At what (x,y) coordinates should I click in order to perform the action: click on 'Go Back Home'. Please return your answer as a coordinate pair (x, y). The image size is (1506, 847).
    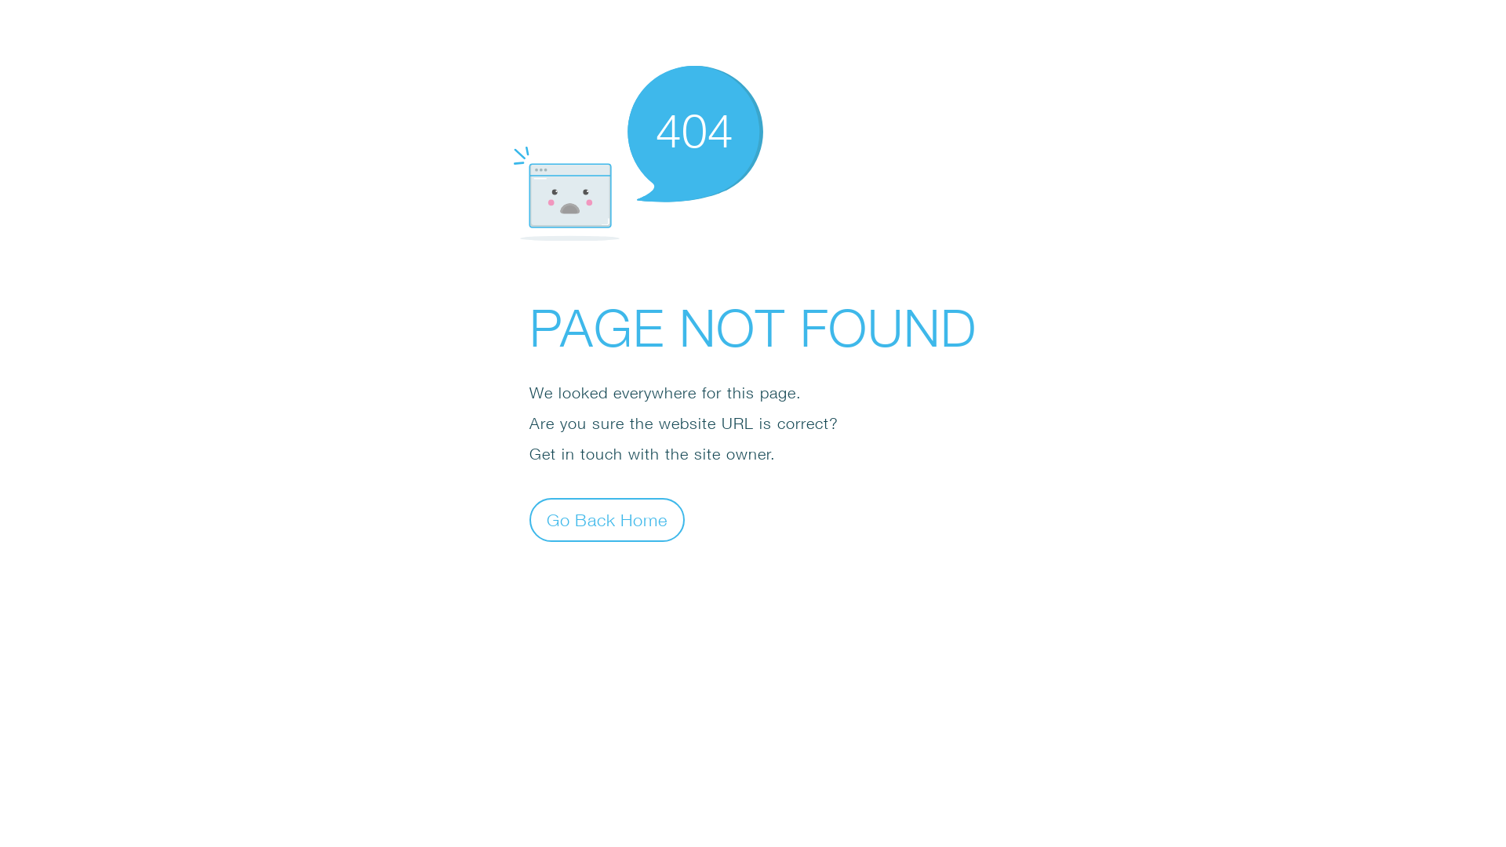
    Looking at the image, I should click on (606, 520).